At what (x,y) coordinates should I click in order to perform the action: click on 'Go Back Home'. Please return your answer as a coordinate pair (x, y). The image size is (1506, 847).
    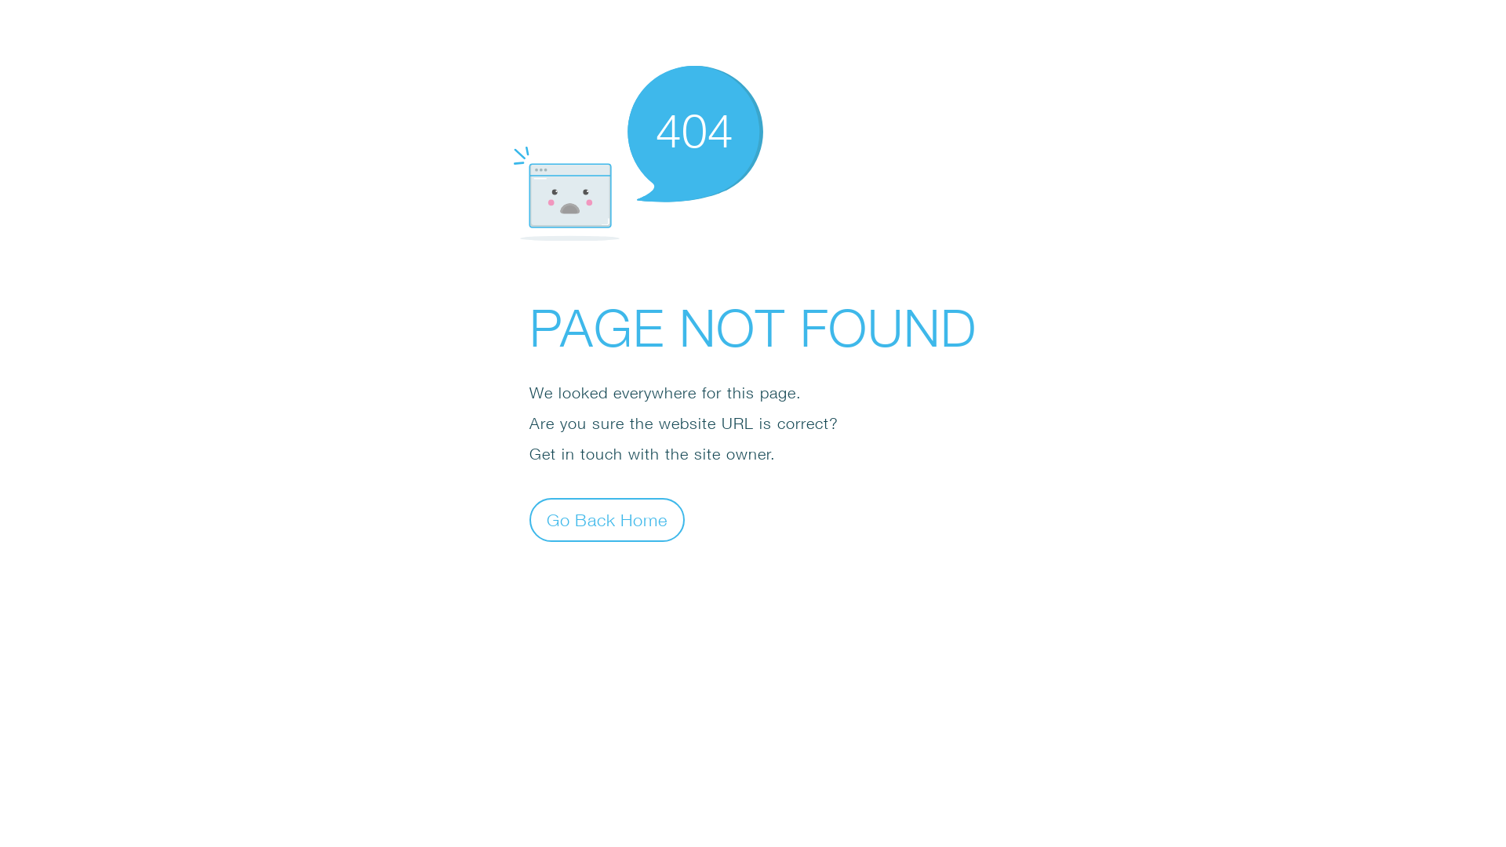
    Looking at the image, I should click on (606, 520).